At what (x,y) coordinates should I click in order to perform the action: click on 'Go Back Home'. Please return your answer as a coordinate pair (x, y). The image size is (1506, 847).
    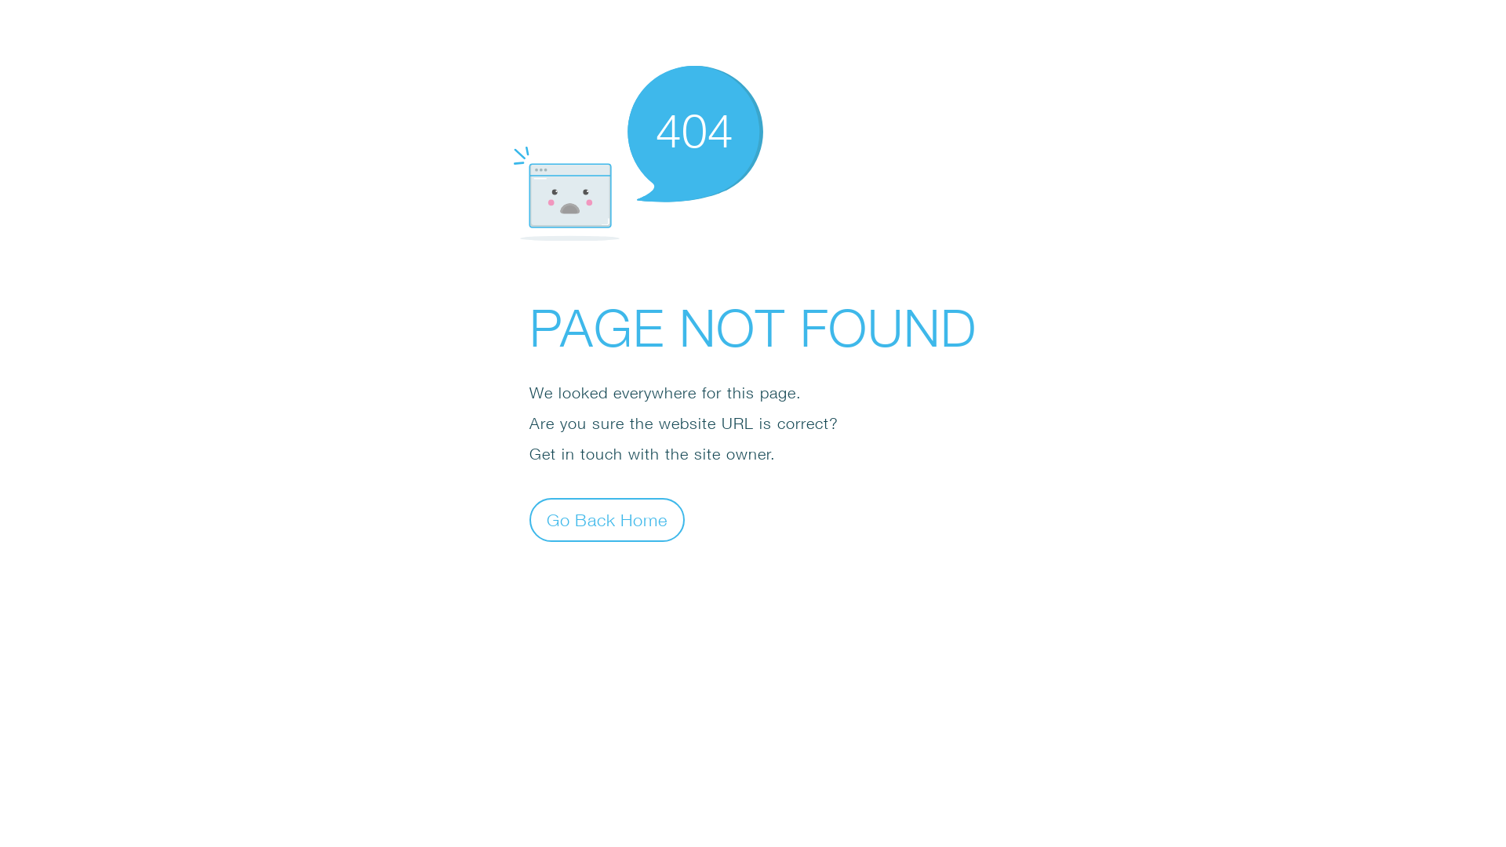
    Looking at the image, I should click on (606, 520).